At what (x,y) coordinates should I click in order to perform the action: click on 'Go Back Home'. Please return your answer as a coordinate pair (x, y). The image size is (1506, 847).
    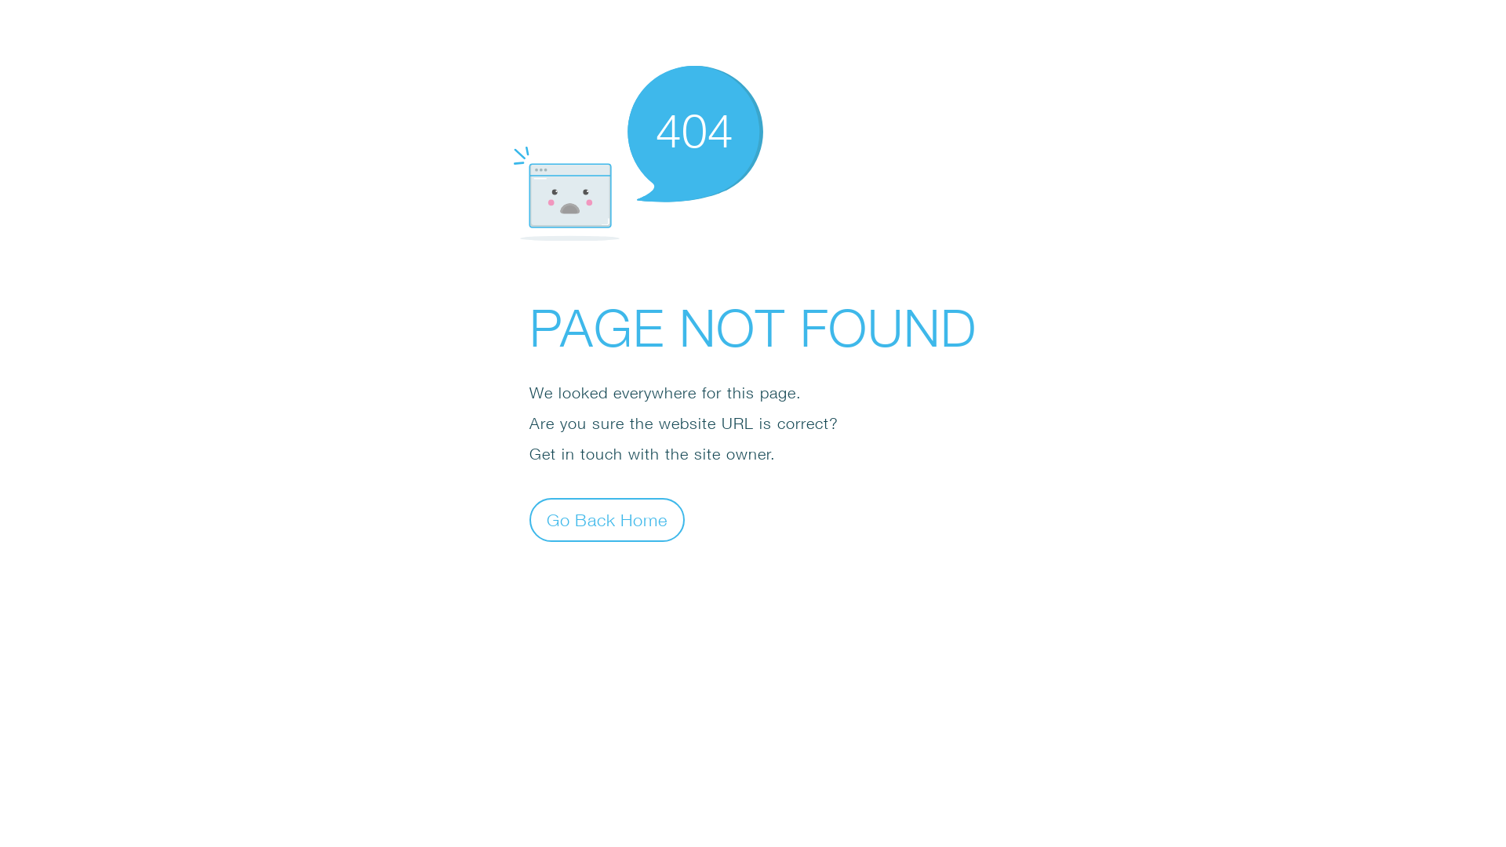
    Looking at the image, I should click on (606, 520).